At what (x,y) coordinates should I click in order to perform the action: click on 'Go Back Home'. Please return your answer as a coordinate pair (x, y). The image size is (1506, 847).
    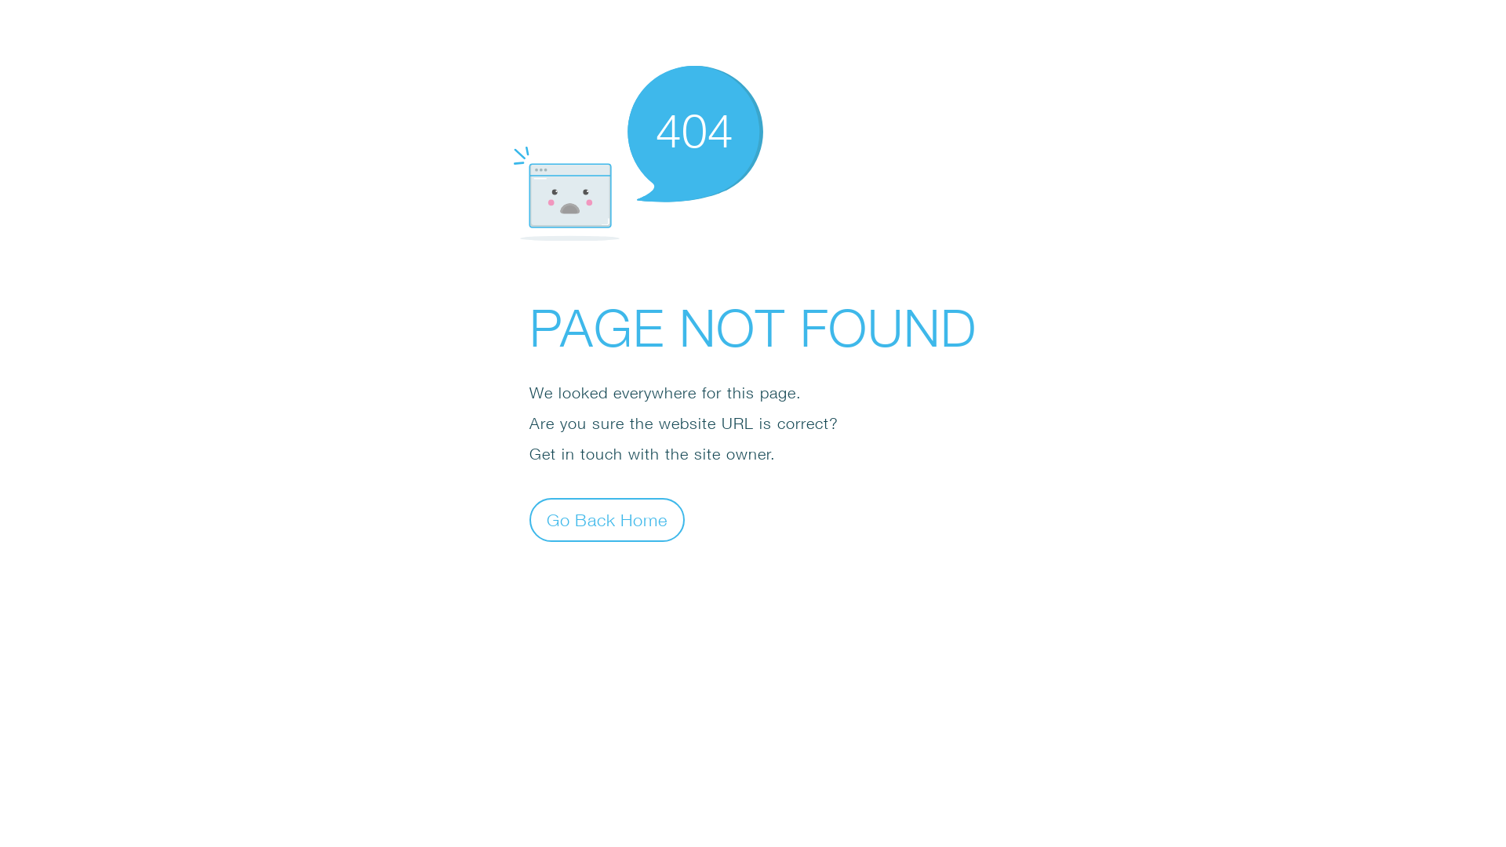
    Looking at the image, I should click on (606, 520).